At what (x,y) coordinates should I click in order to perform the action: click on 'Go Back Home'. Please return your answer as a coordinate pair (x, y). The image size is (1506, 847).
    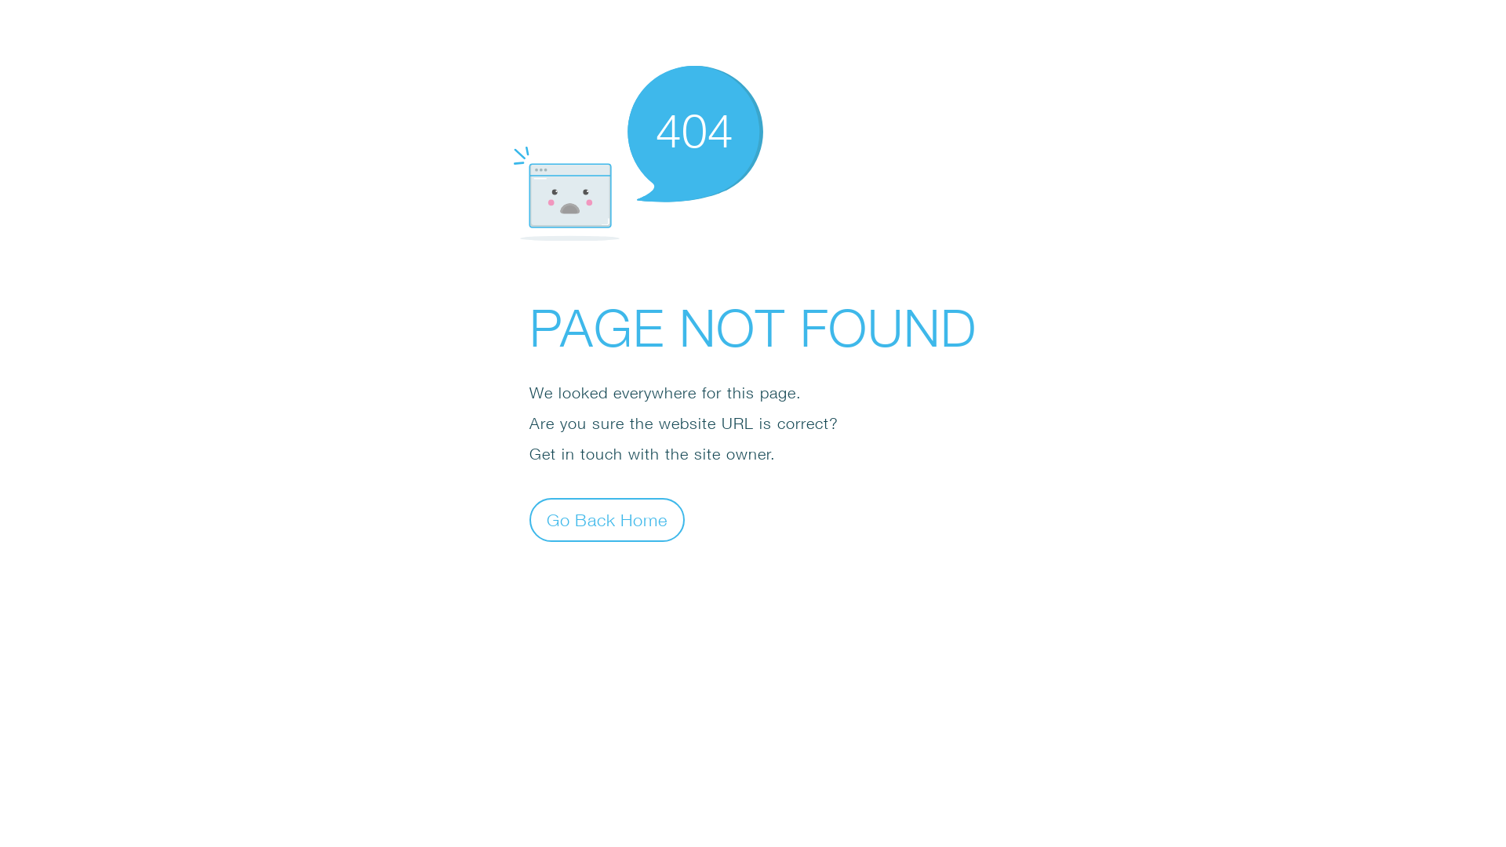
    Looking at the image, I should click on (606, 520).